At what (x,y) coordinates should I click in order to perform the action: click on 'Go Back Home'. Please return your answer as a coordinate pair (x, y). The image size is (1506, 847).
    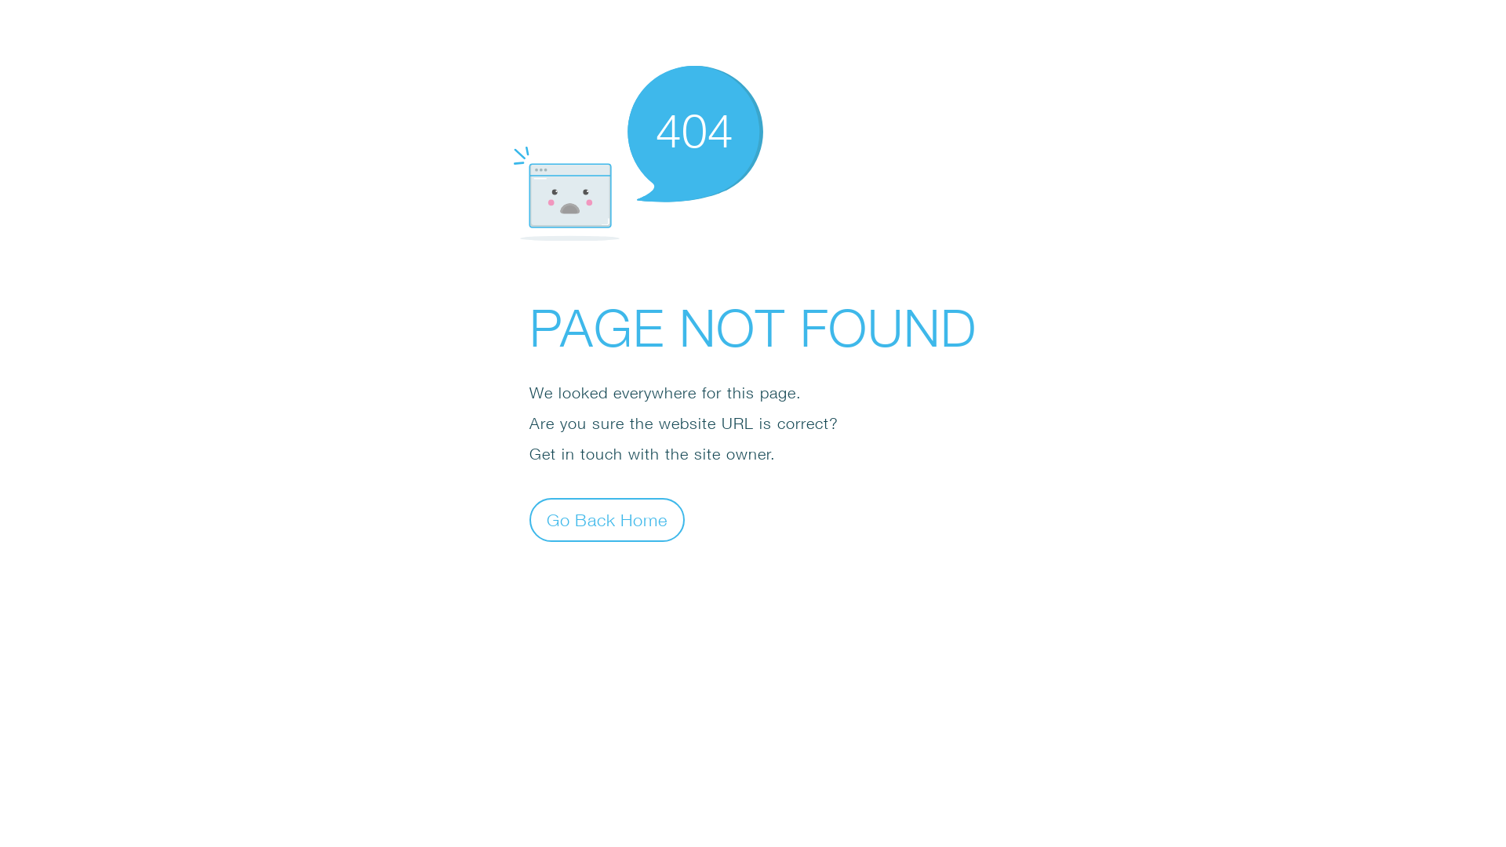
    Looking at the image, I should click on (606, 520).